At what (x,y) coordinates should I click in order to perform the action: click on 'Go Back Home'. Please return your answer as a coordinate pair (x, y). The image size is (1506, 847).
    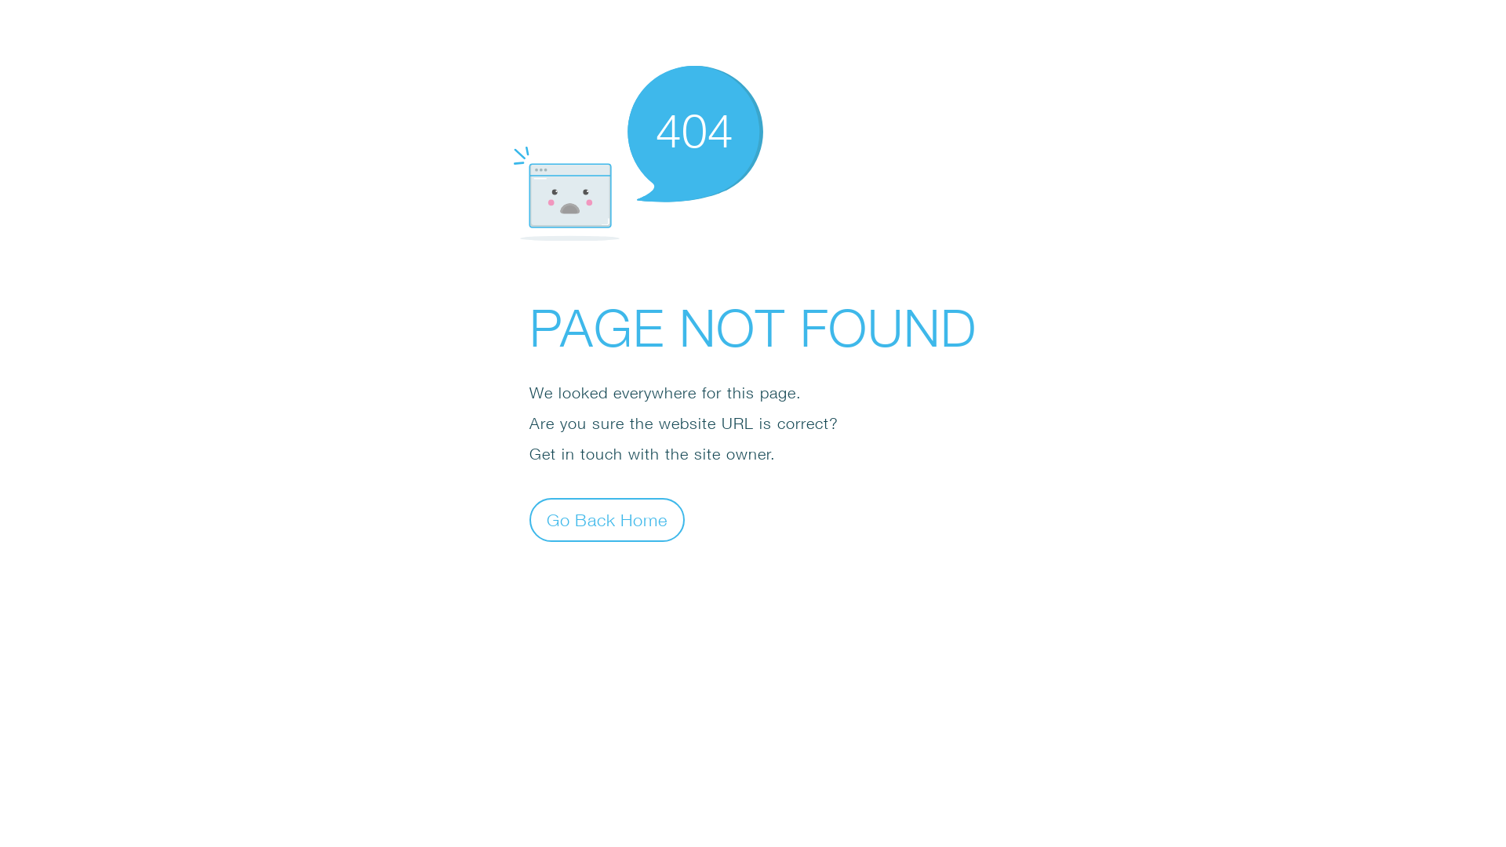
    Looking at the image, I should click on (606, 520).